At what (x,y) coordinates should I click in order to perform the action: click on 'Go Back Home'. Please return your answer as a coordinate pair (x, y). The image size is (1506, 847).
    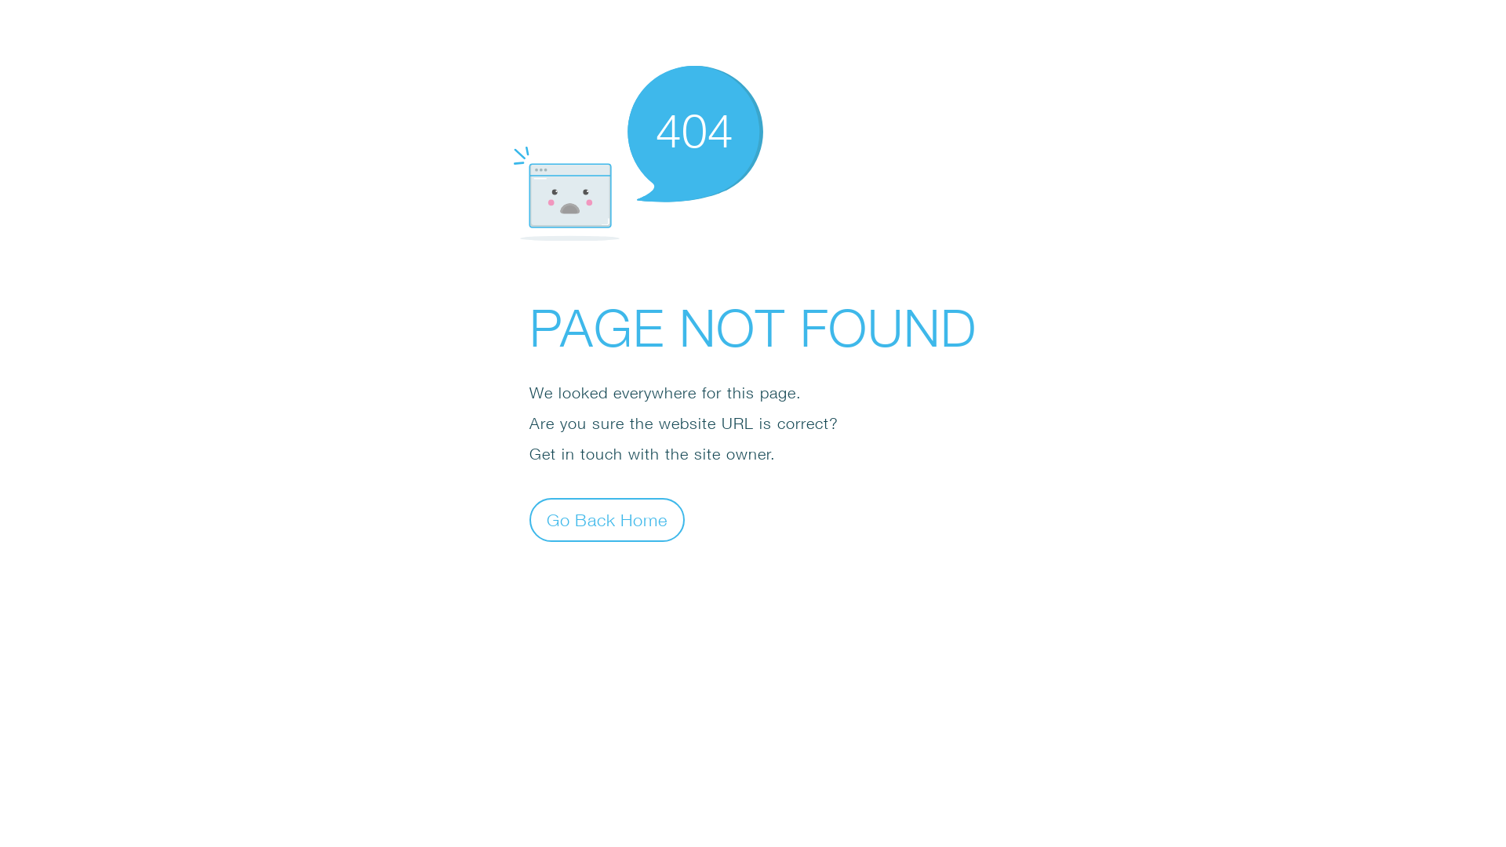
    Looking at the image, I should click on (606, 520).